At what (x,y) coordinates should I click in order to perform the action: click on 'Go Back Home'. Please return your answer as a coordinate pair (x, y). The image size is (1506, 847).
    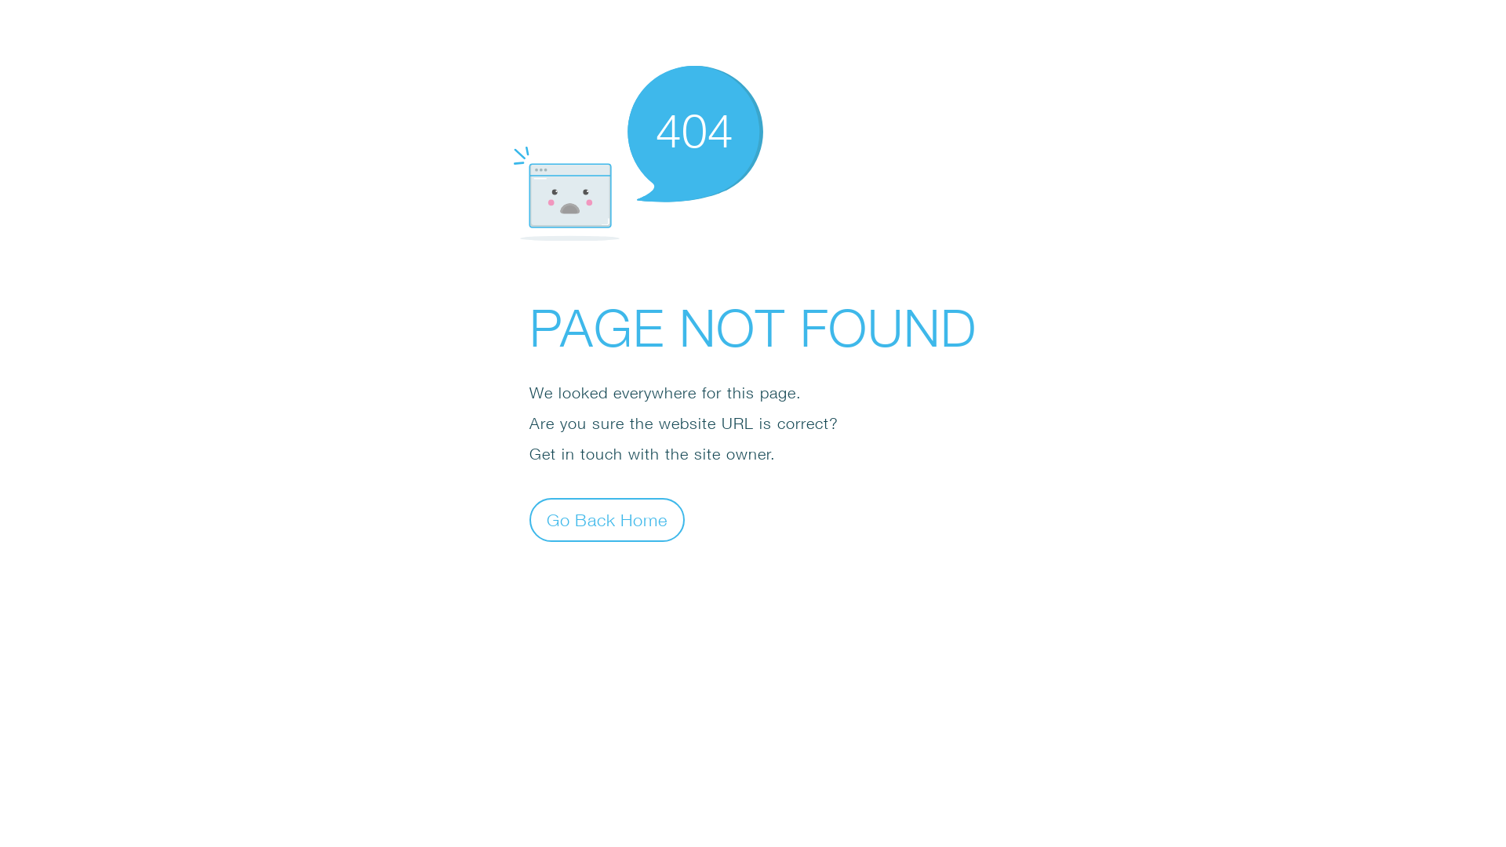
    Looking at the image, I should click on (606, 520).